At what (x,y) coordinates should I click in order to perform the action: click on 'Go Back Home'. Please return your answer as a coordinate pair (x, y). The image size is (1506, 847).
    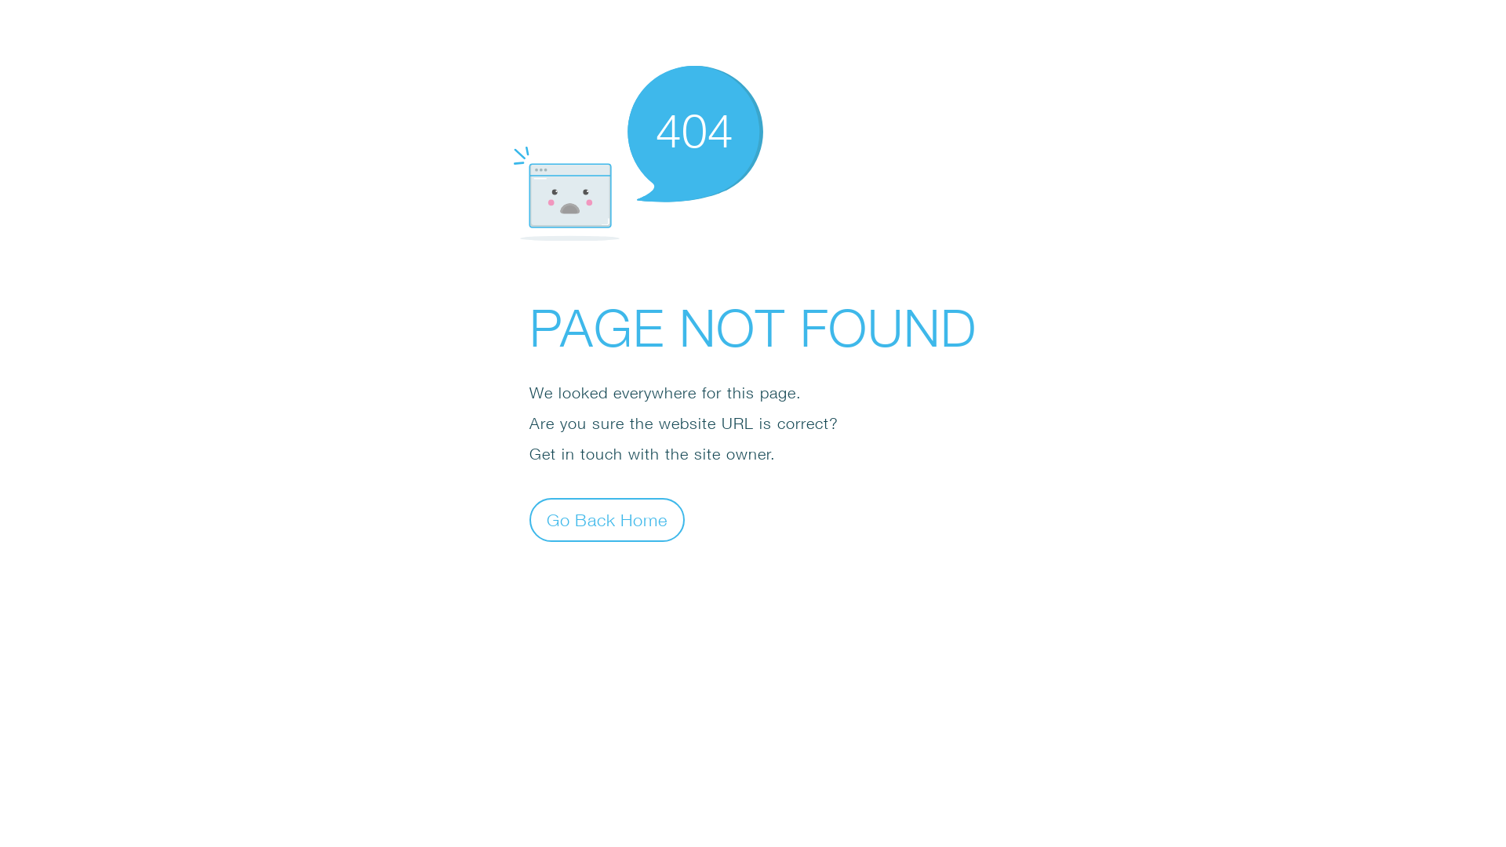
    Looking at the image, I should click on (606, 520).